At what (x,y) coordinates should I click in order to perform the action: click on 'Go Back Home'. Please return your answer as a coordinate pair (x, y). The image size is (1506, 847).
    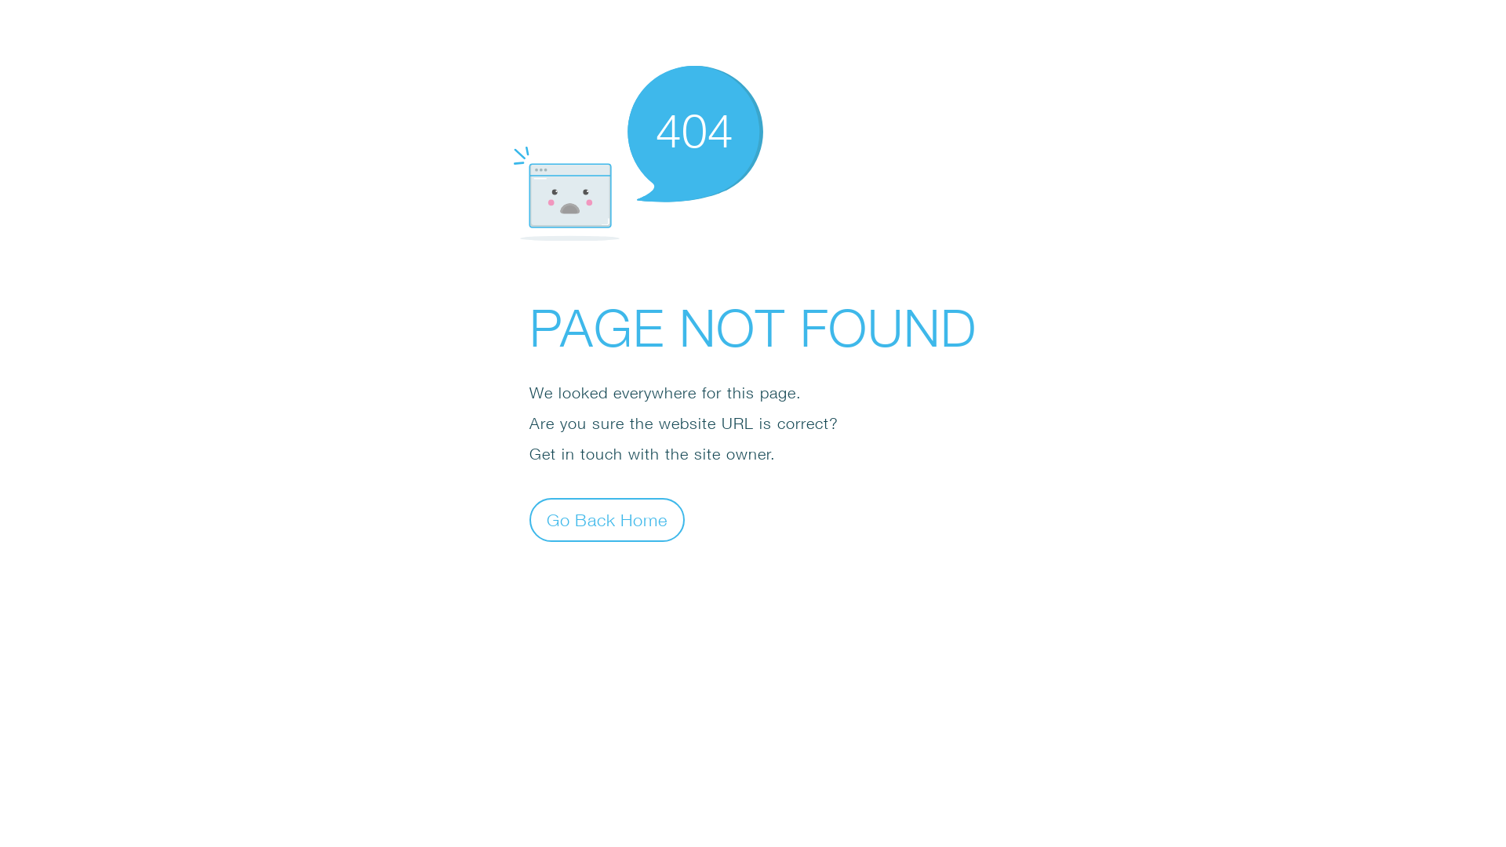
    Looking at the image, I should click on (606, 520).